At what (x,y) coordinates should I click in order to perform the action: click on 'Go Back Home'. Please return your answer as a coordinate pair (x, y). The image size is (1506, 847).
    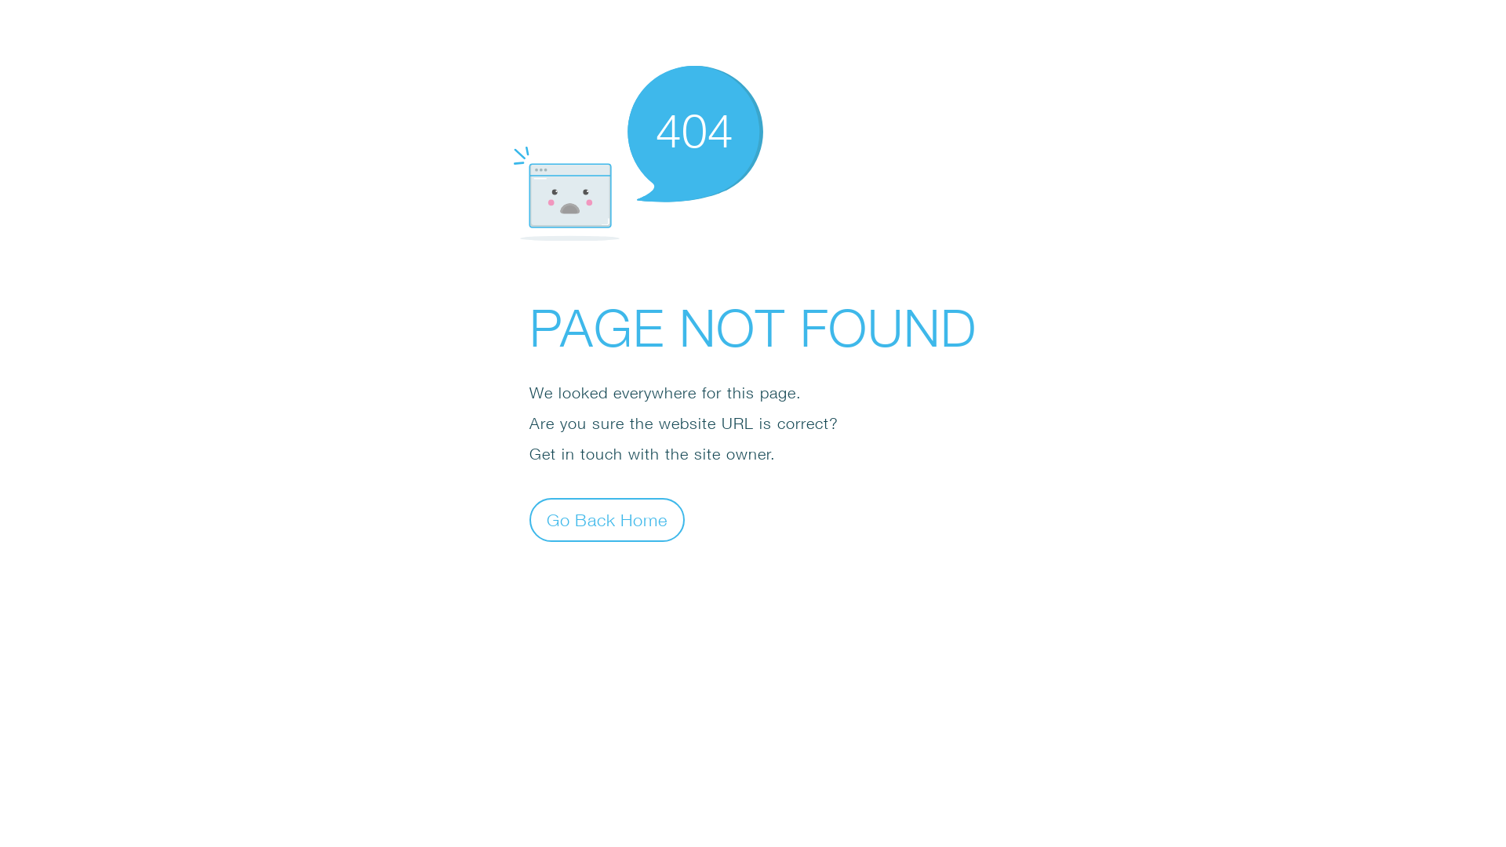
    Looking at the image, I should click on (606, 520).